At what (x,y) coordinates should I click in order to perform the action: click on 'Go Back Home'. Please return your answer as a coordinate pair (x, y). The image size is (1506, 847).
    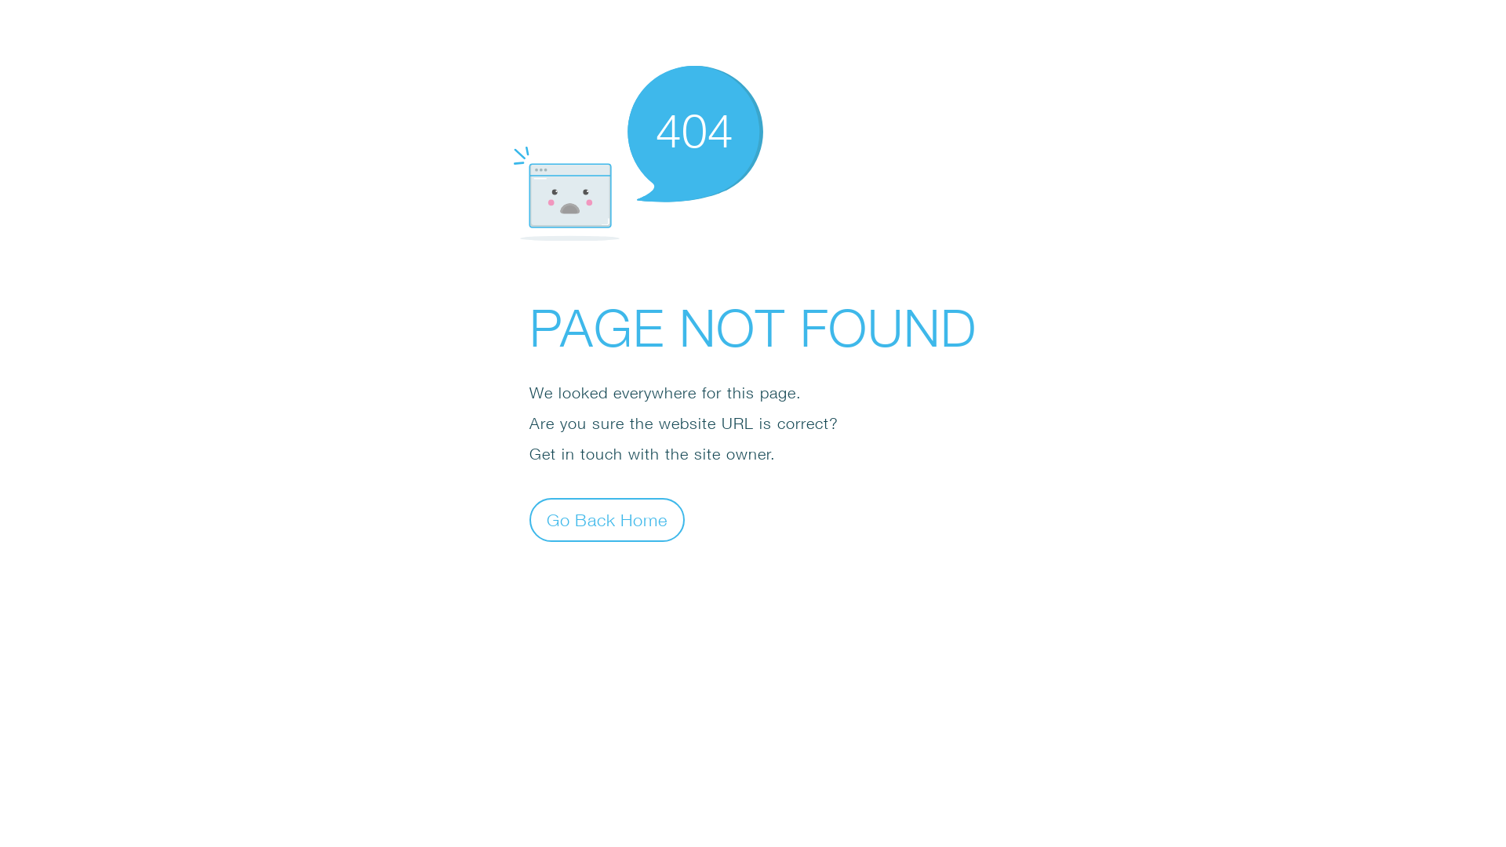
    Looking at the image, I should click on (606, 520).